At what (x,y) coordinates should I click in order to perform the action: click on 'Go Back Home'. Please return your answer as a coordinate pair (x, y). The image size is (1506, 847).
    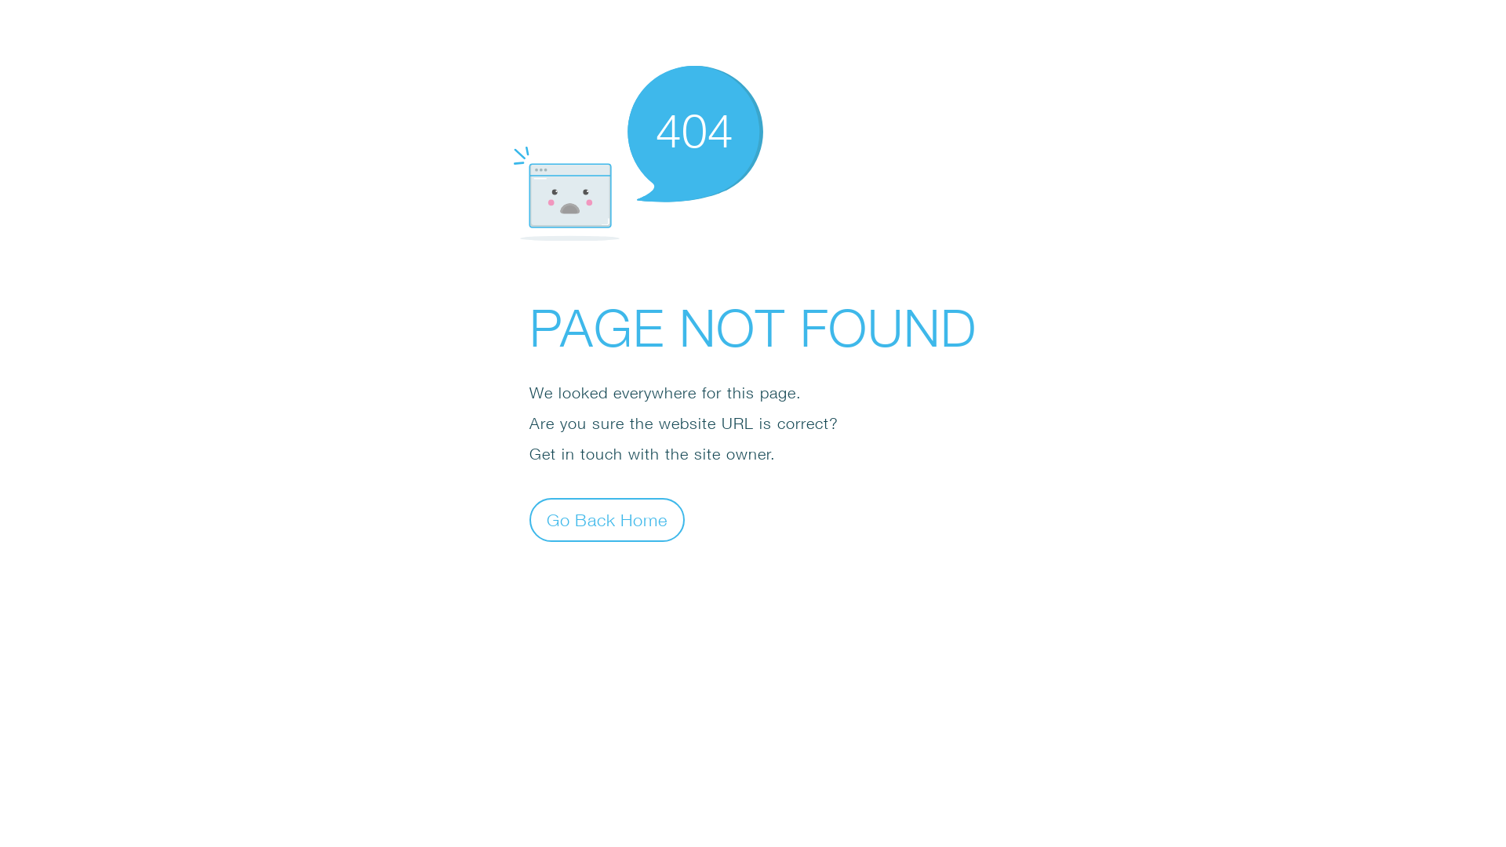
    Looking at the image, I should click on (606, 520).